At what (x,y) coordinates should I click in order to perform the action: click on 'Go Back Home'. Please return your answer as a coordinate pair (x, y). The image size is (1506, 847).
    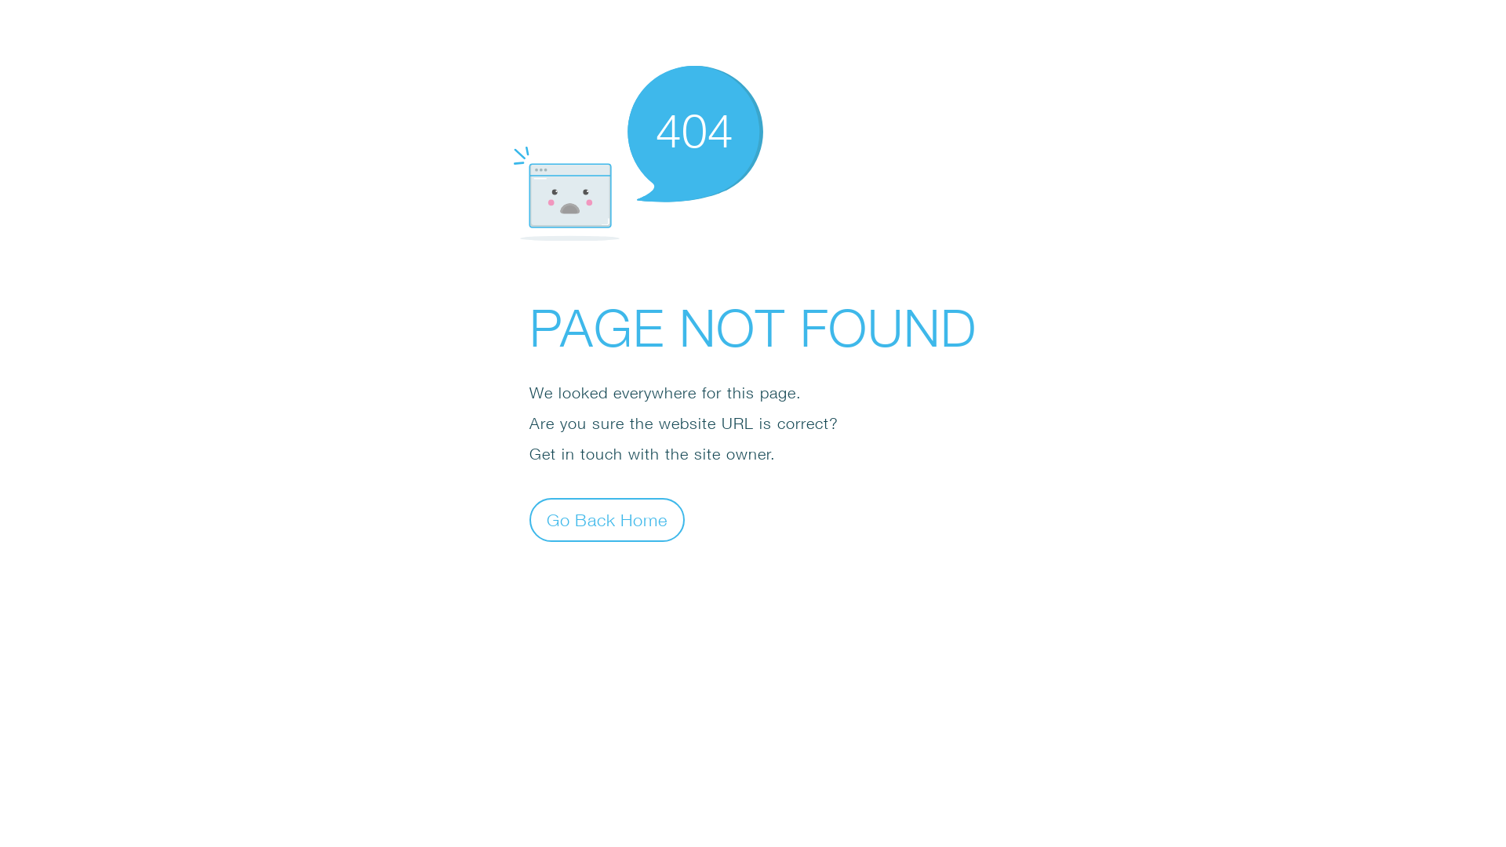
    Looking at the image, I should click on (606, 520).